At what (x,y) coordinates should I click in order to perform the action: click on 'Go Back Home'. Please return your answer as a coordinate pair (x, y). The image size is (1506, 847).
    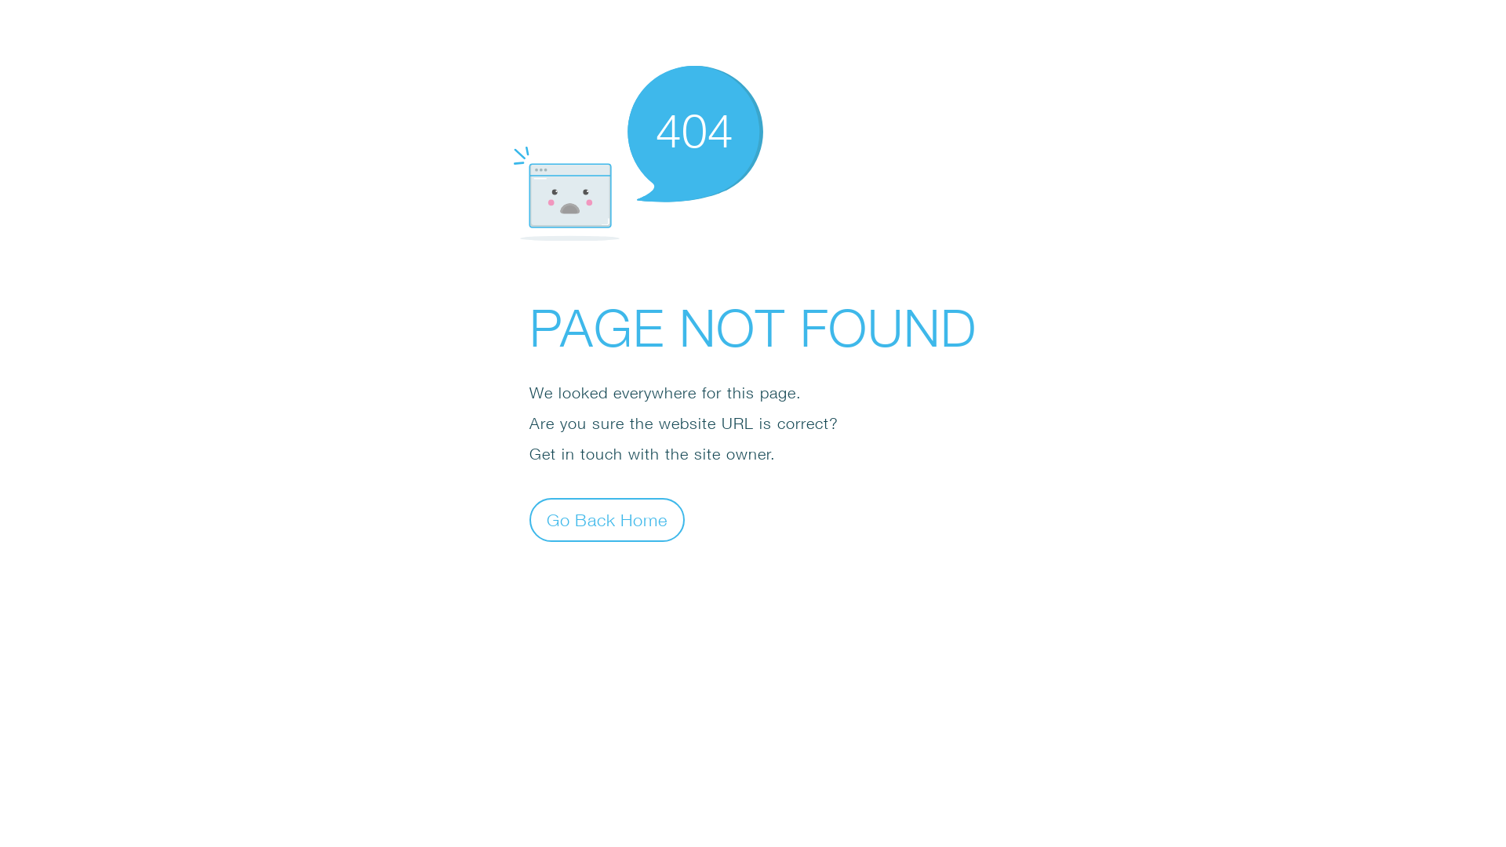
    Looking at the image, I should click on (606, 520).